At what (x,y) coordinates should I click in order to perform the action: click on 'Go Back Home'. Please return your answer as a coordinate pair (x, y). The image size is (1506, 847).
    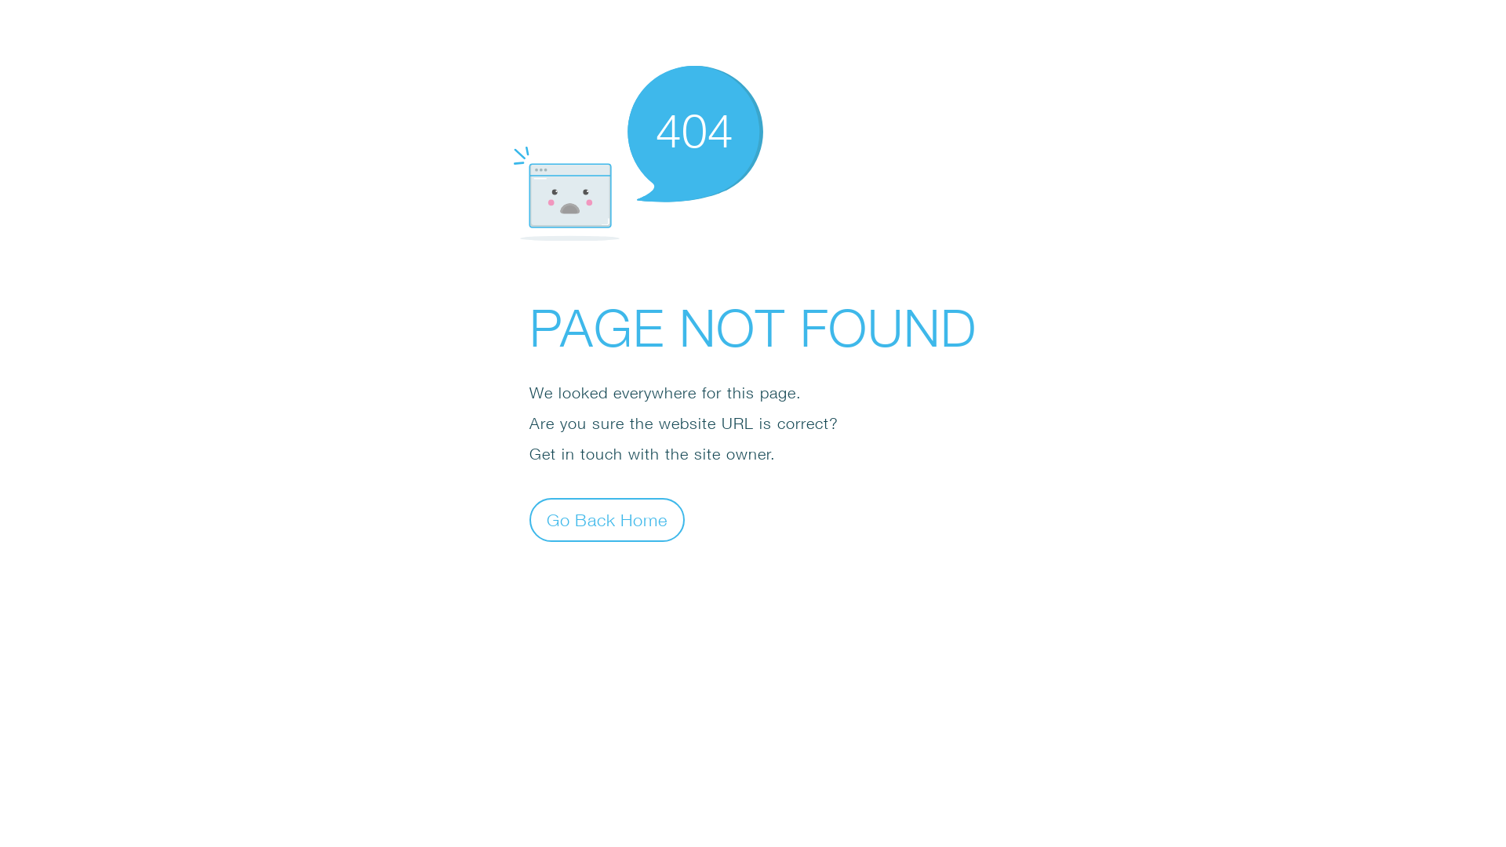
    Looking at the image, I should click on (606, 520).